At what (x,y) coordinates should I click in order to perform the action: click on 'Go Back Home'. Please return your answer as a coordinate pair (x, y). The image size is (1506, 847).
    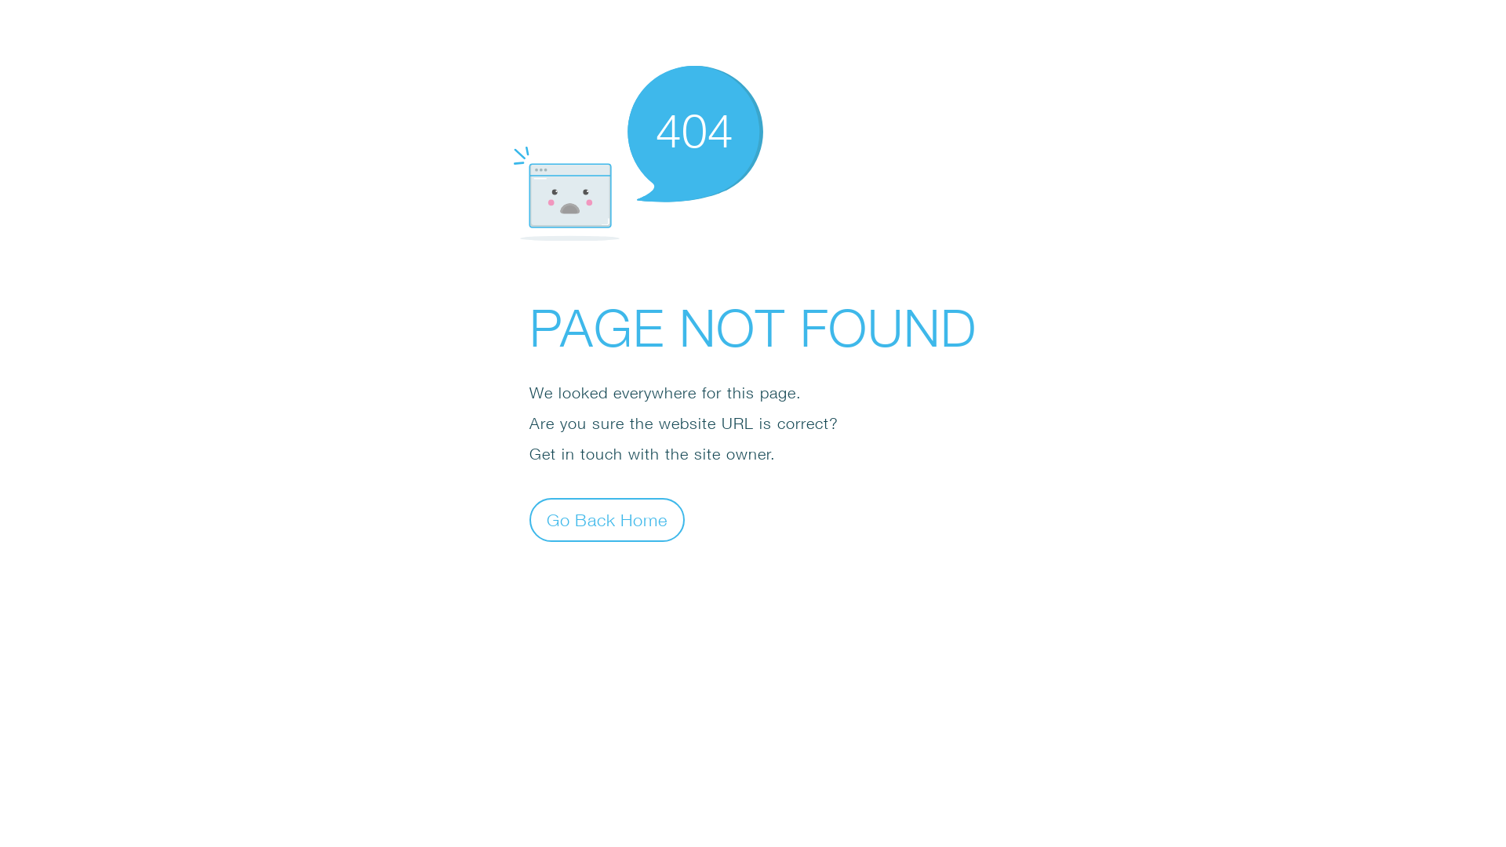
    Looking at the image, I should click on (606, 520).